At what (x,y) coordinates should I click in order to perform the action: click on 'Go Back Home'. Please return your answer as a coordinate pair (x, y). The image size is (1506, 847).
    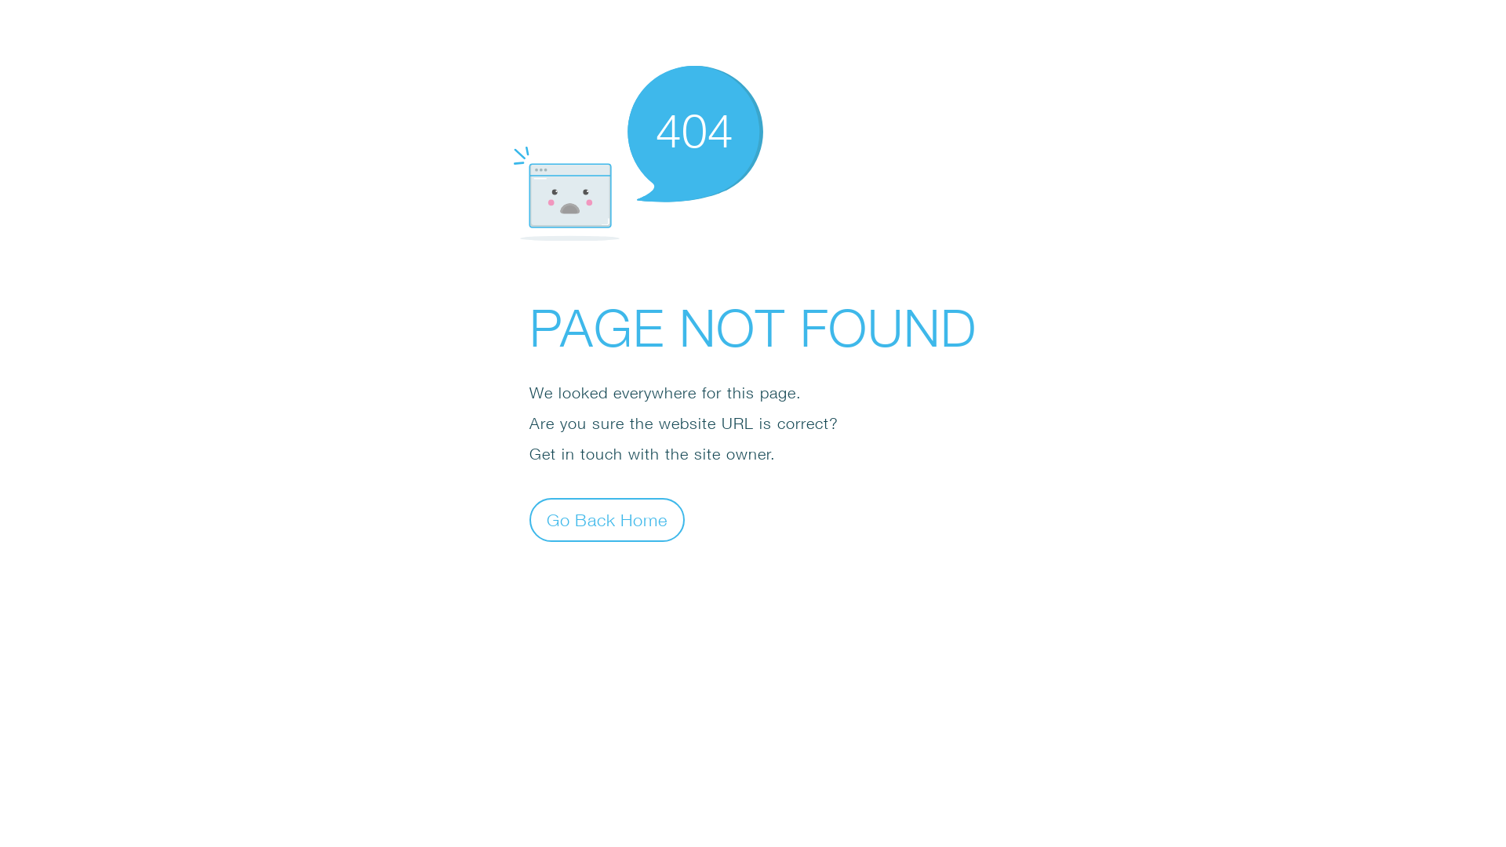
    Looking at the image, I should click on (606, 520).